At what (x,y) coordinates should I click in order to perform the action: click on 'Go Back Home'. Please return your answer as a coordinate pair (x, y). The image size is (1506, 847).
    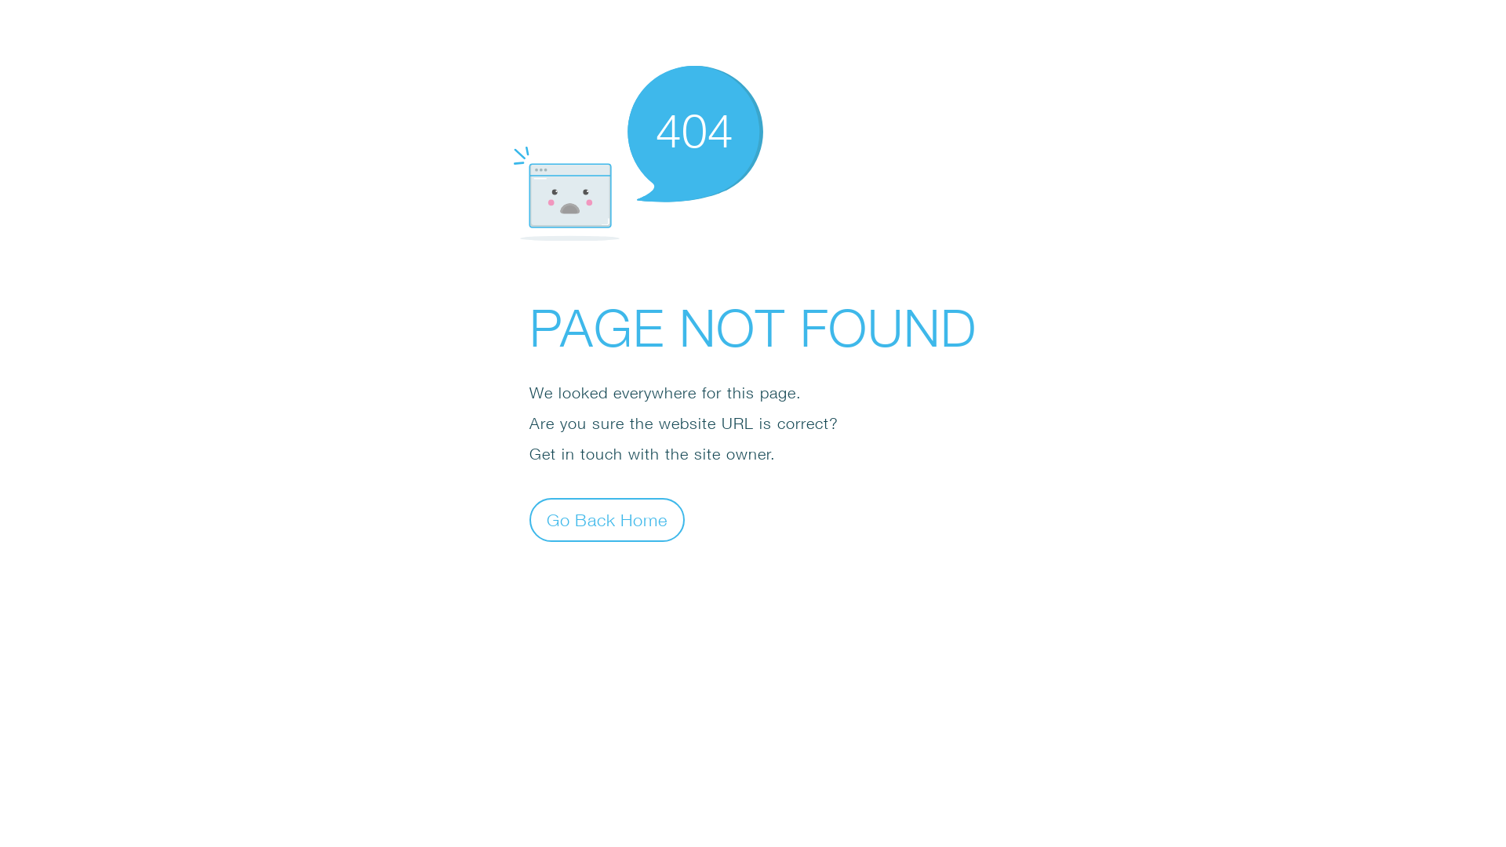
    Looking at the image, I should click on (606, 520).